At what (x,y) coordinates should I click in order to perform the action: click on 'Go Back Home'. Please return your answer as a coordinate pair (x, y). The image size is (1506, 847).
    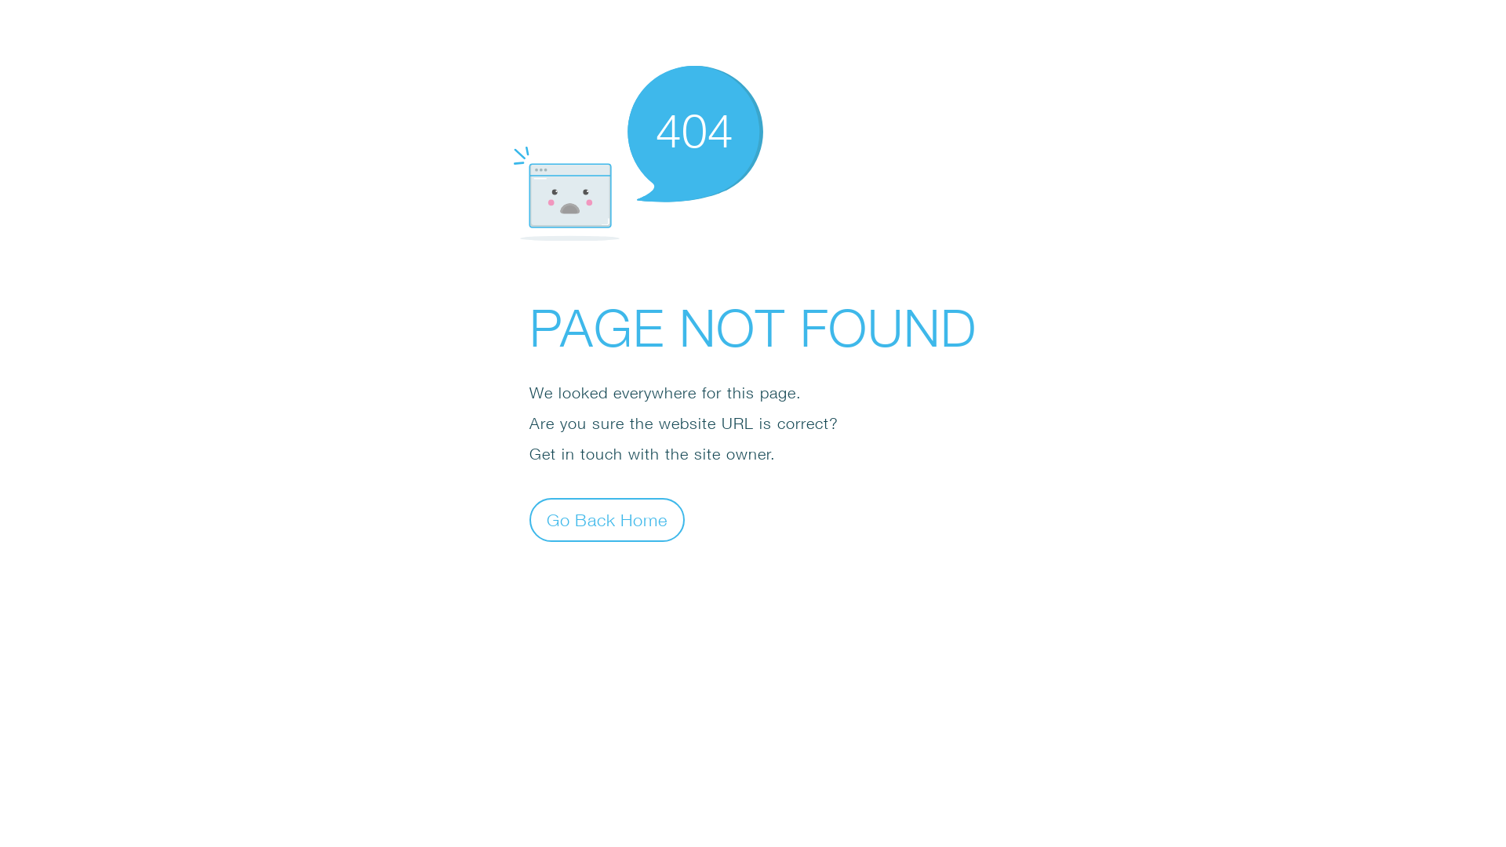
    Looking at the image, I should click on (606, 520).